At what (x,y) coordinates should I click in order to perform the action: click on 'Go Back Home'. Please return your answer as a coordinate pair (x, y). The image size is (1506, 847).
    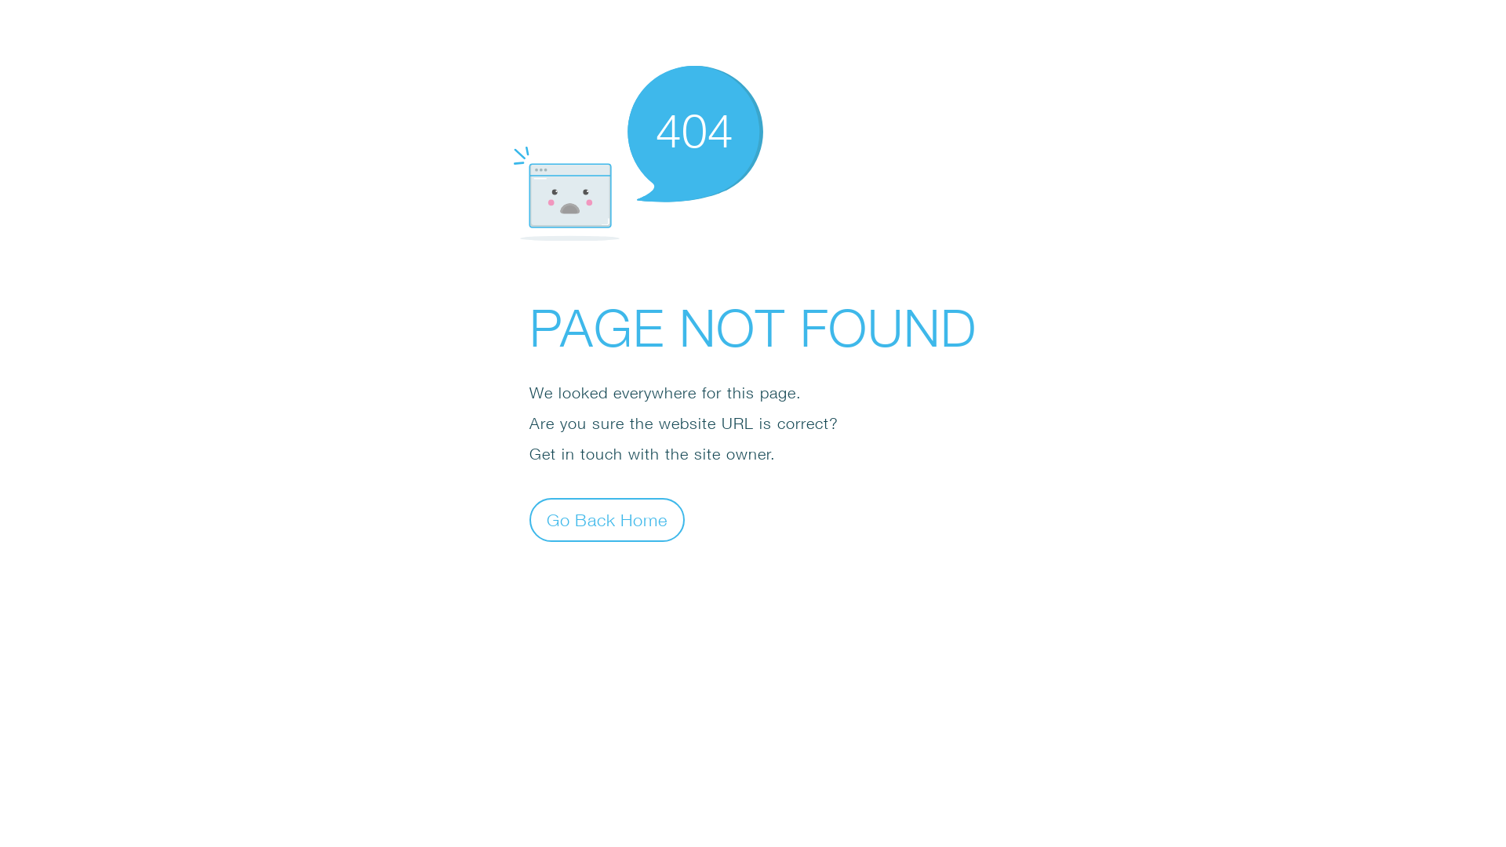
    Looking at the image, I should click on (606, 520).